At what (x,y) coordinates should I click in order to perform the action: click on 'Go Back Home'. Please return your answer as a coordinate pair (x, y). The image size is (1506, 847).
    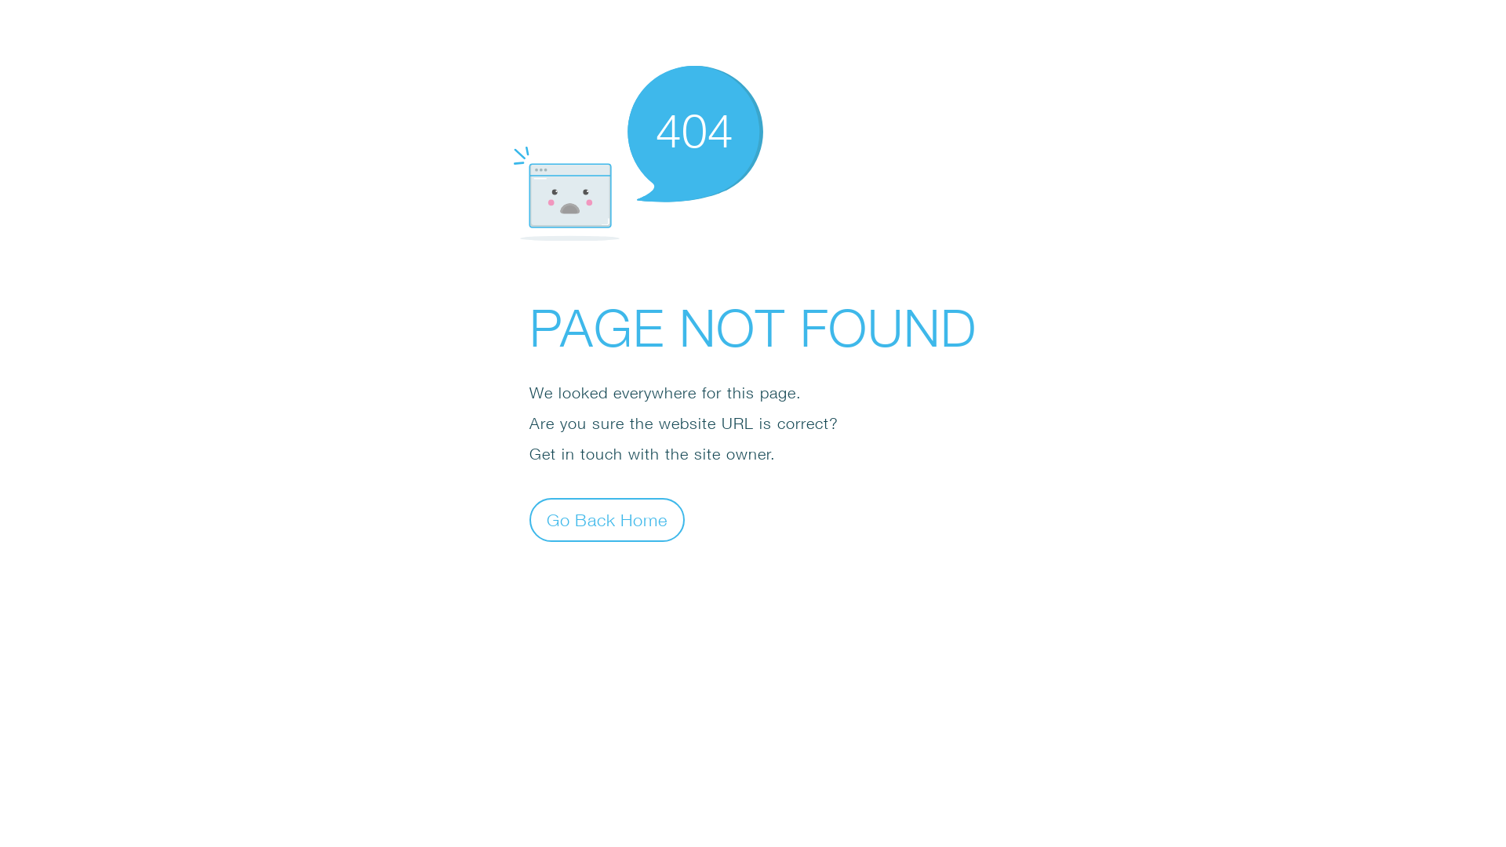
    Looking at the image, I should click on (606, 520).